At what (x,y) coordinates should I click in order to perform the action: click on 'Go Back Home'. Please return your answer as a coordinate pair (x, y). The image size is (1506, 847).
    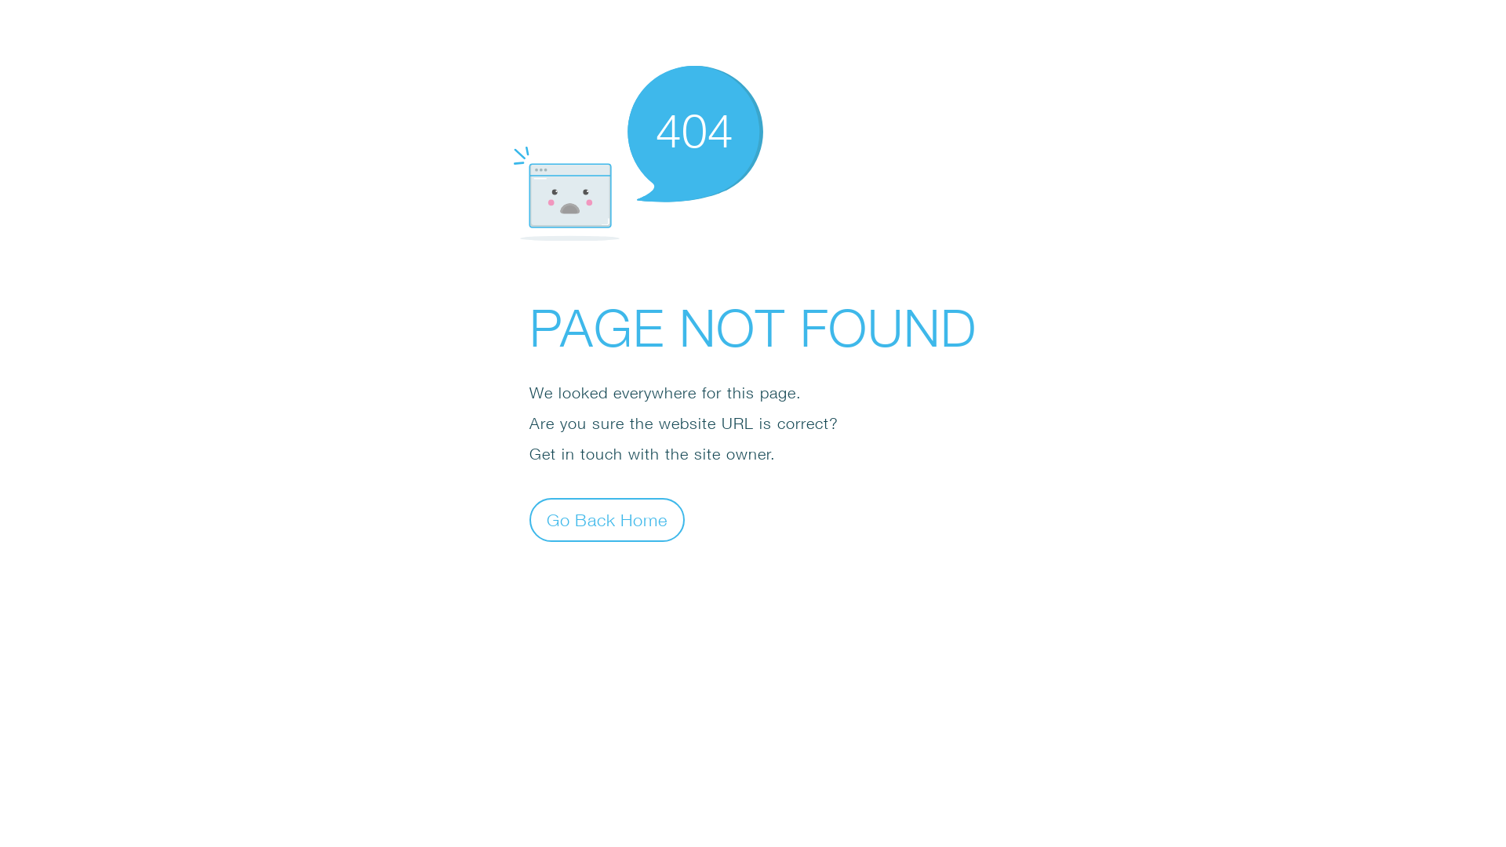
    Looking at the image, I should click on (606, 520).